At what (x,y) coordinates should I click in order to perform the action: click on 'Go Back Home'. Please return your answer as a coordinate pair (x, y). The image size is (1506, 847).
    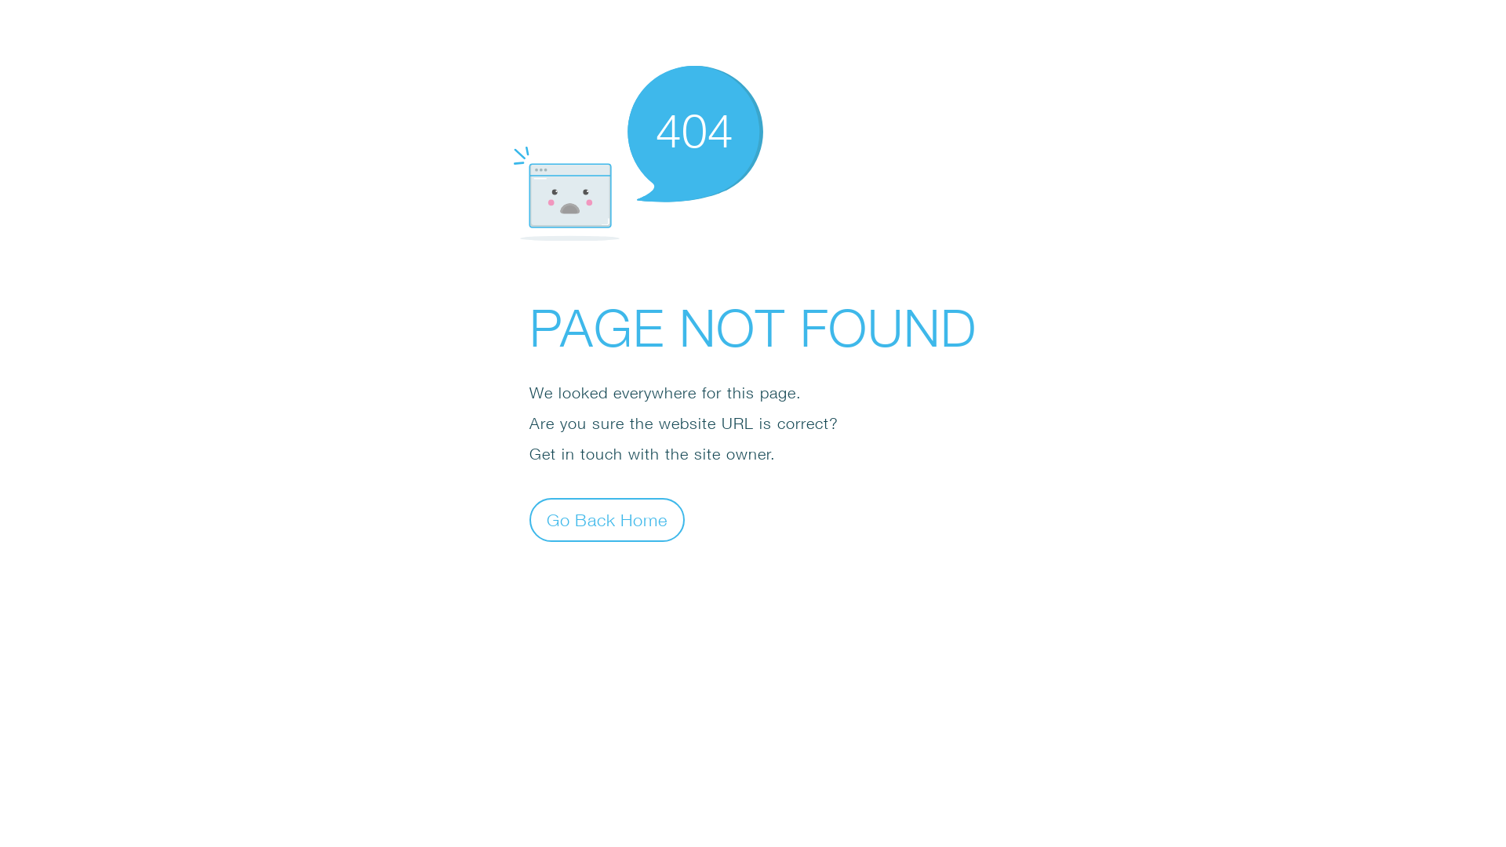
    Looking at the image, I should click on (606, 520).